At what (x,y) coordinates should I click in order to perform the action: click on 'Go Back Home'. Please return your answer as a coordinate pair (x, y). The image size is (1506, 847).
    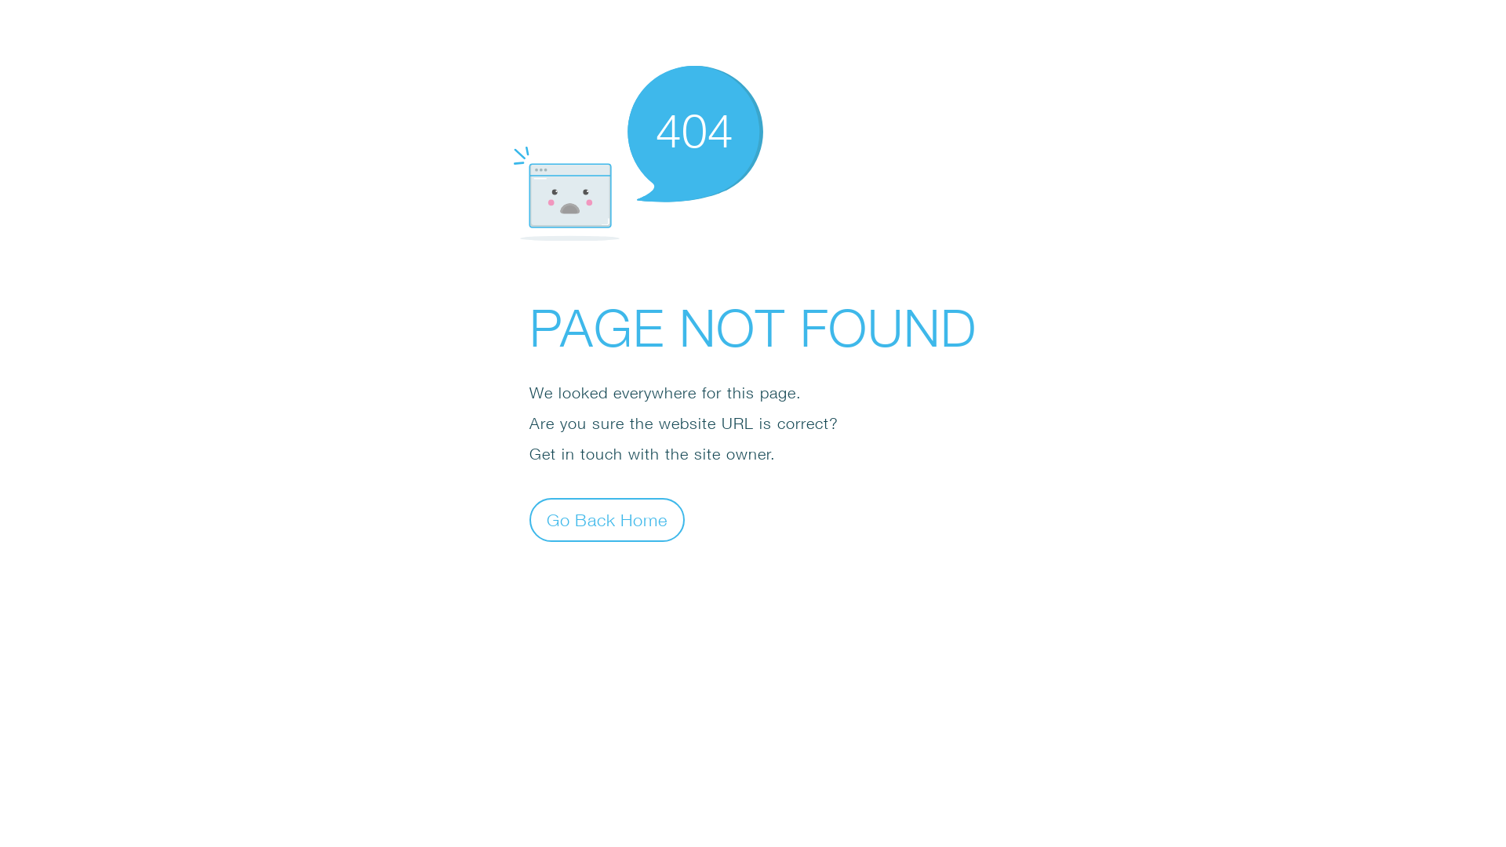
    Looking at the image, I should click on (606, 520).